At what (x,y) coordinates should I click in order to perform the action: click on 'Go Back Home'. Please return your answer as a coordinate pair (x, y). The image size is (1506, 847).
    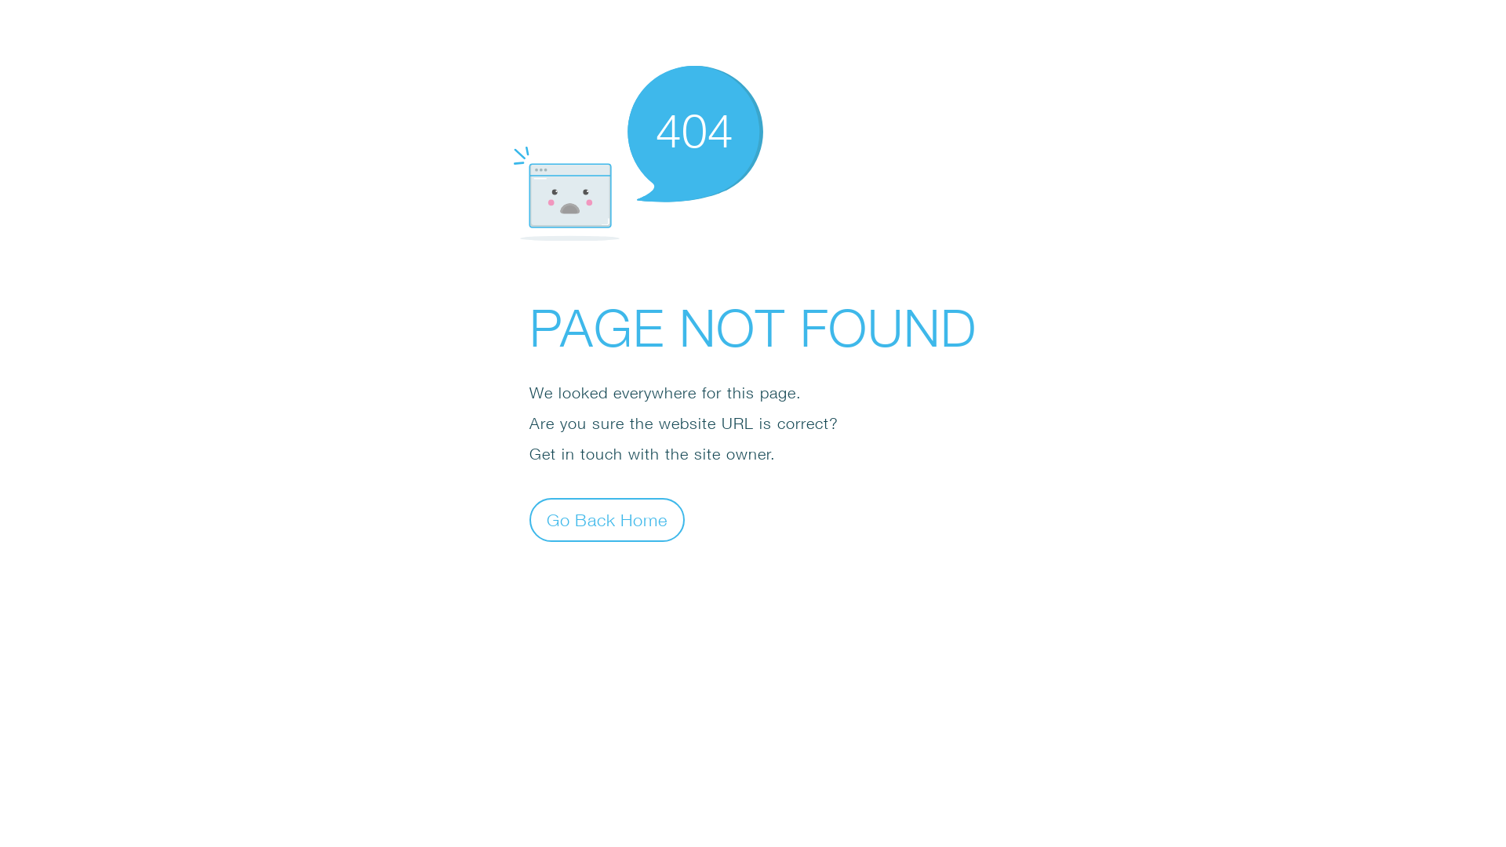
    Looking at the image, I should click on (606, 520).